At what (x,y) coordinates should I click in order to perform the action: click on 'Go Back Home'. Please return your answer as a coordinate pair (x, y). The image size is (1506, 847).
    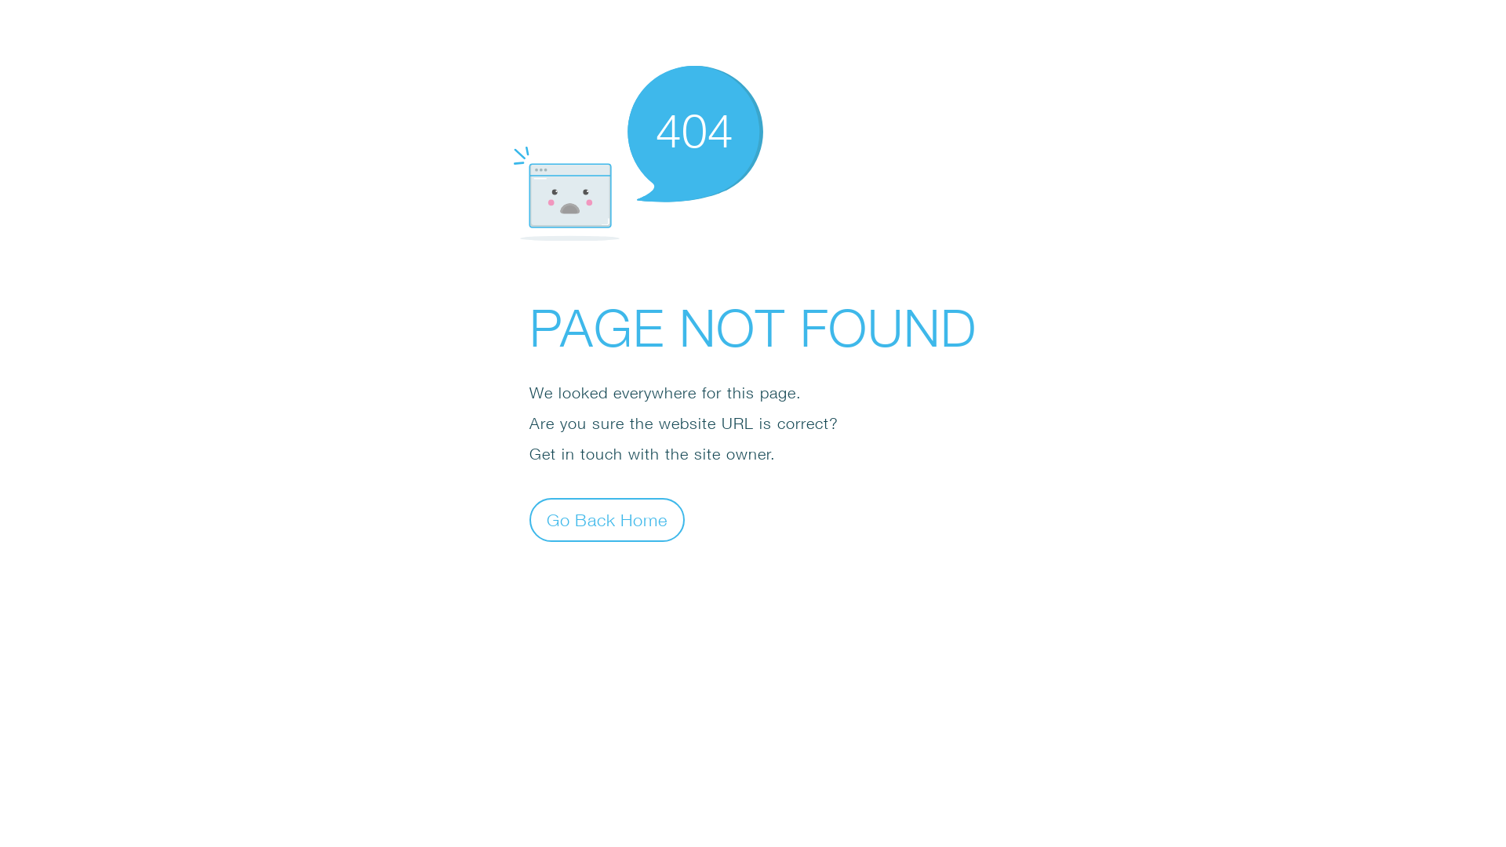
    Looking at the image, I should click on (606, 520).